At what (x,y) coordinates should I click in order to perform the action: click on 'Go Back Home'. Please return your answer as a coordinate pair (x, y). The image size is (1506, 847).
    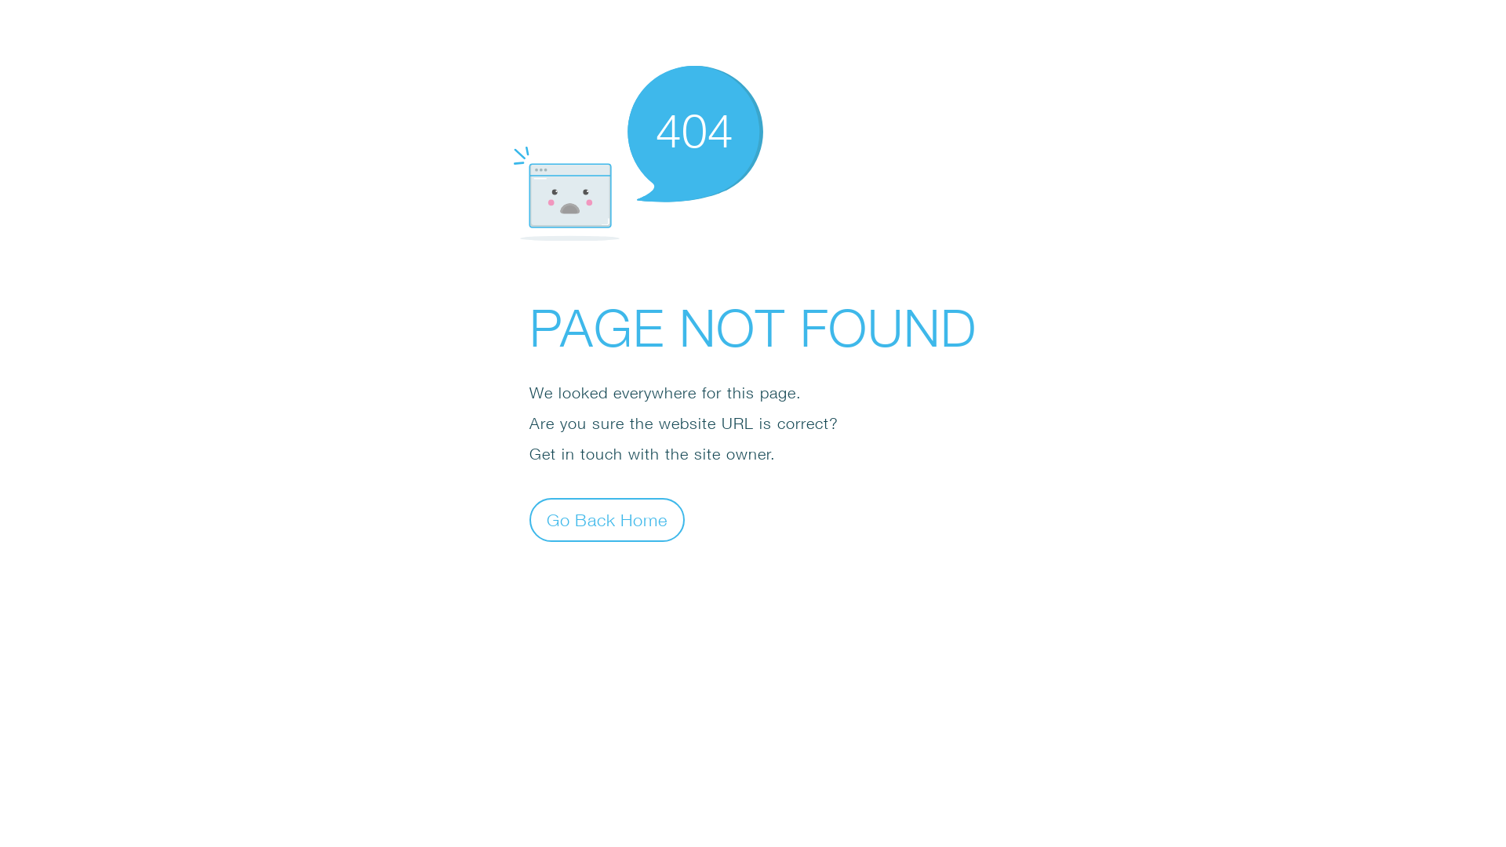
    Looking at the image, I should click on (606, 520).